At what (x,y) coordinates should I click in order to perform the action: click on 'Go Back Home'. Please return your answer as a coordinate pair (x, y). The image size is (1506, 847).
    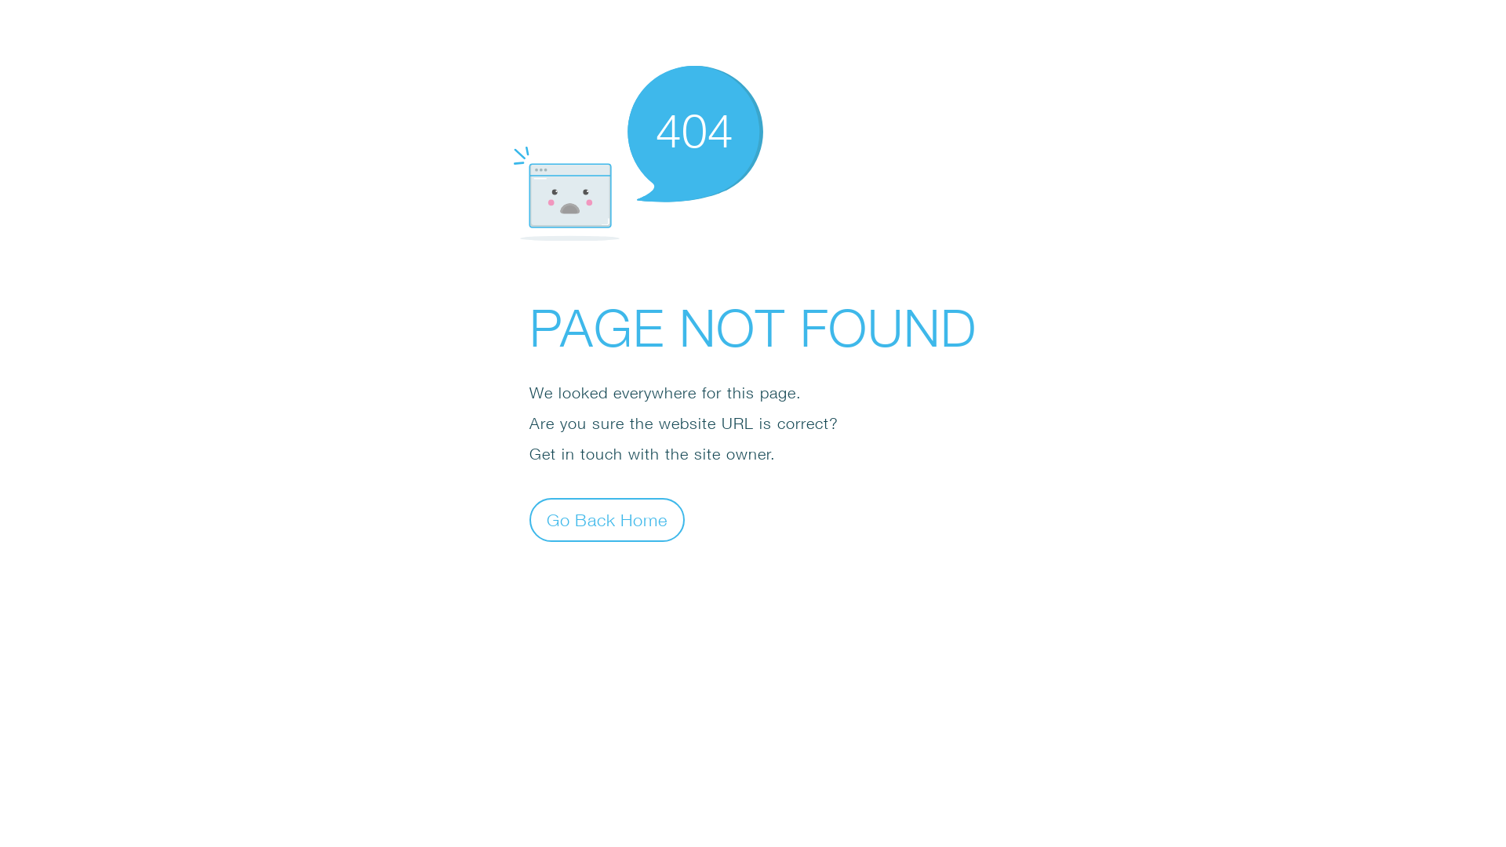
    Looking at the image, I should click on (606, 520).